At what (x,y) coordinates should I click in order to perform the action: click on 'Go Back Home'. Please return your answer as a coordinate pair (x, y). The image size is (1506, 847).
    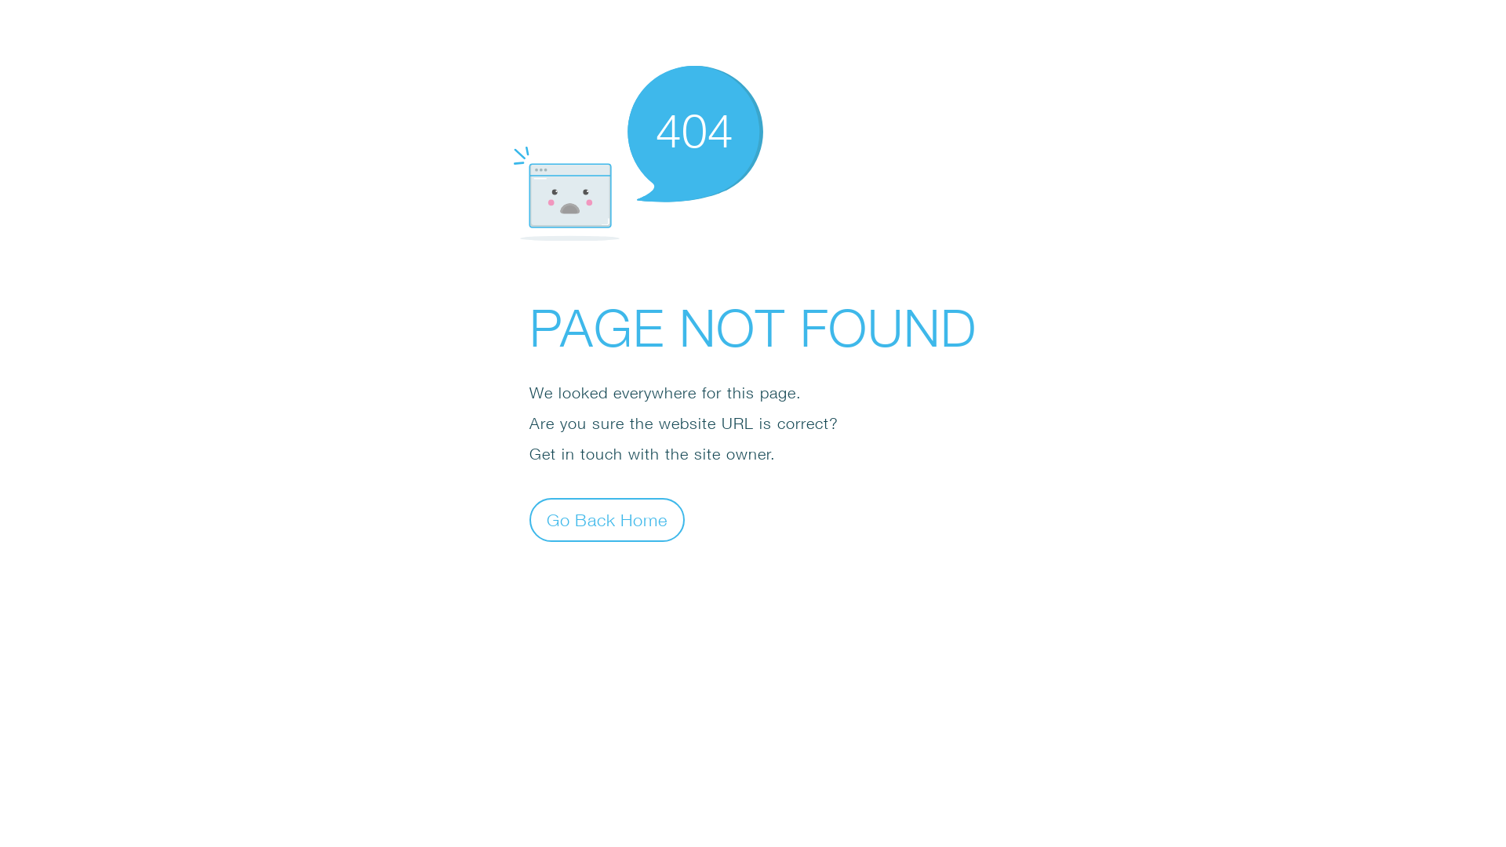
    Looking at the image, I should click on (606, 520).